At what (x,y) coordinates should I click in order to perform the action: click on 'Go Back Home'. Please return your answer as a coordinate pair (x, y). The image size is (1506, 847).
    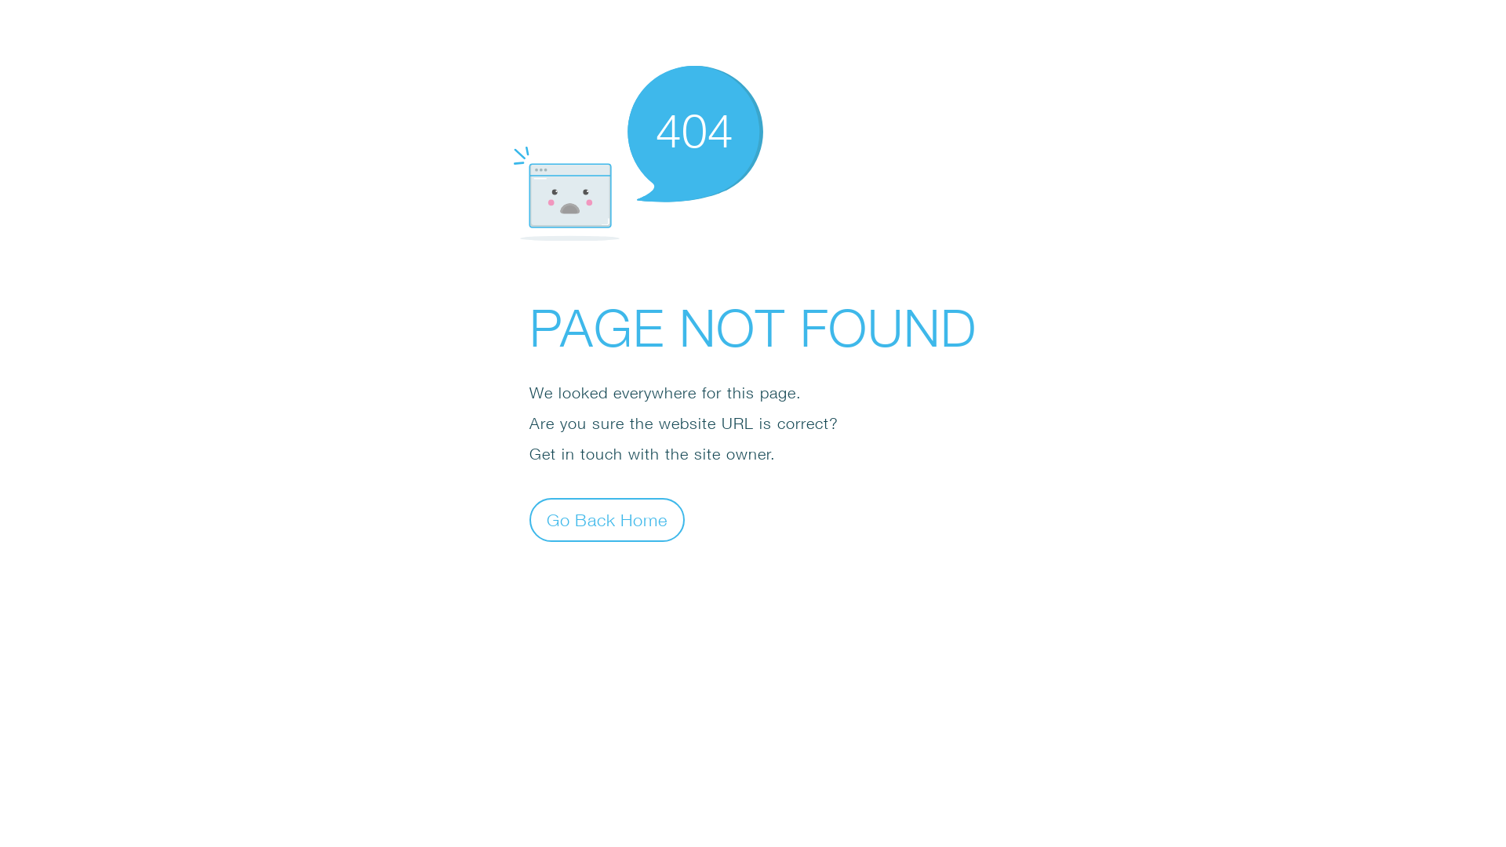
    Looking at the image, I should click on (606, 520).